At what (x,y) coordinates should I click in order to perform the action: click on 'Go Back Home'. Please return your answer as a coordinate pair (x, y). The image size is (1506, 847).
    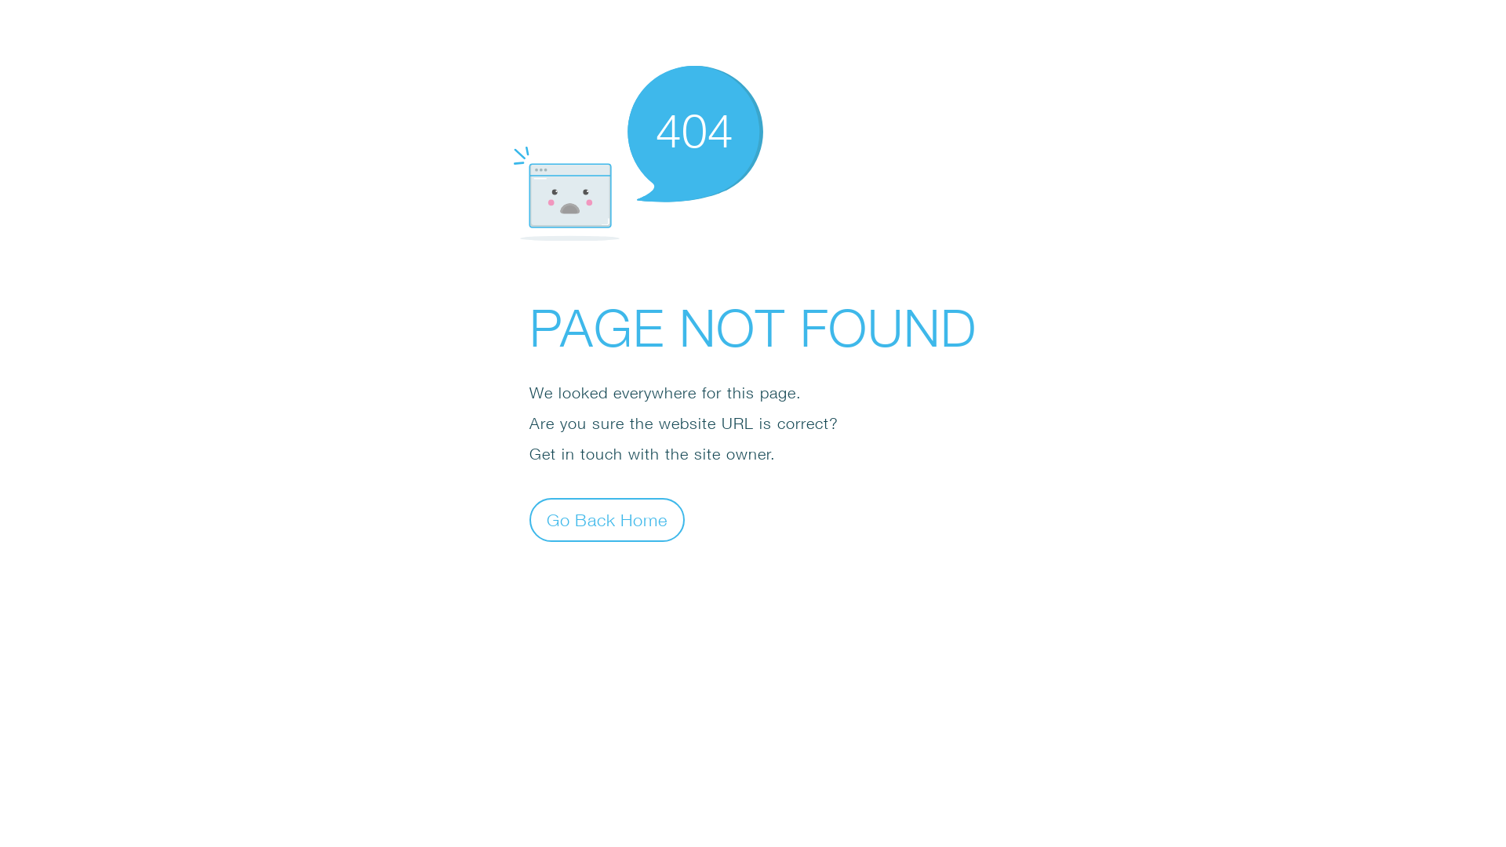
    Looking at the image, I should click on (606, 520).